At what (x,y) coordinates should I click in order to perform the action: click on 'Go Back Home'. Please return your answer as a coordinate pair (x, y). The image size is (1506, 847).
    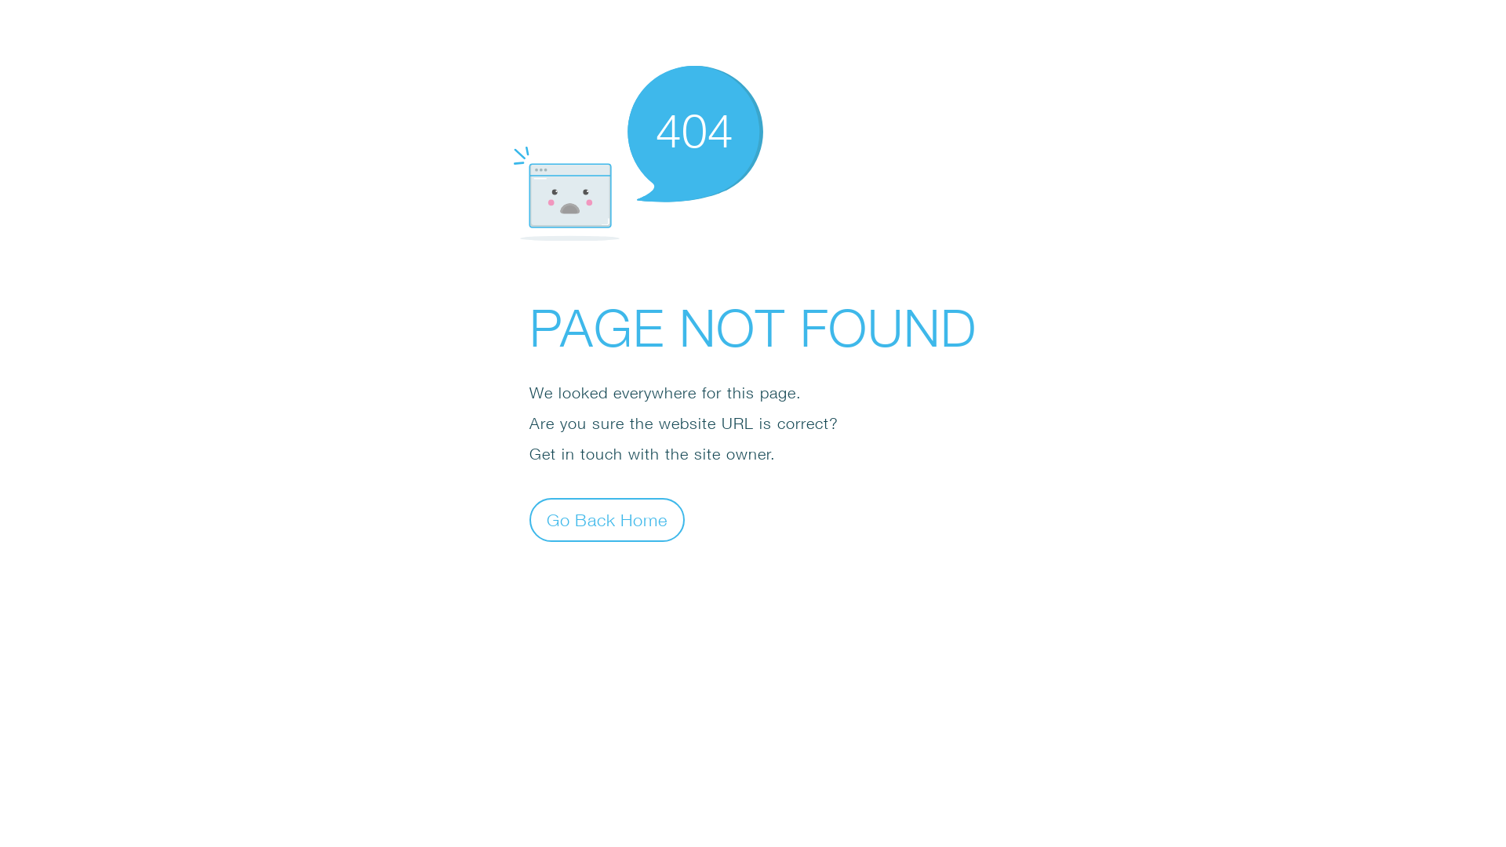
    Looking at the image, I should click on (606, 520).